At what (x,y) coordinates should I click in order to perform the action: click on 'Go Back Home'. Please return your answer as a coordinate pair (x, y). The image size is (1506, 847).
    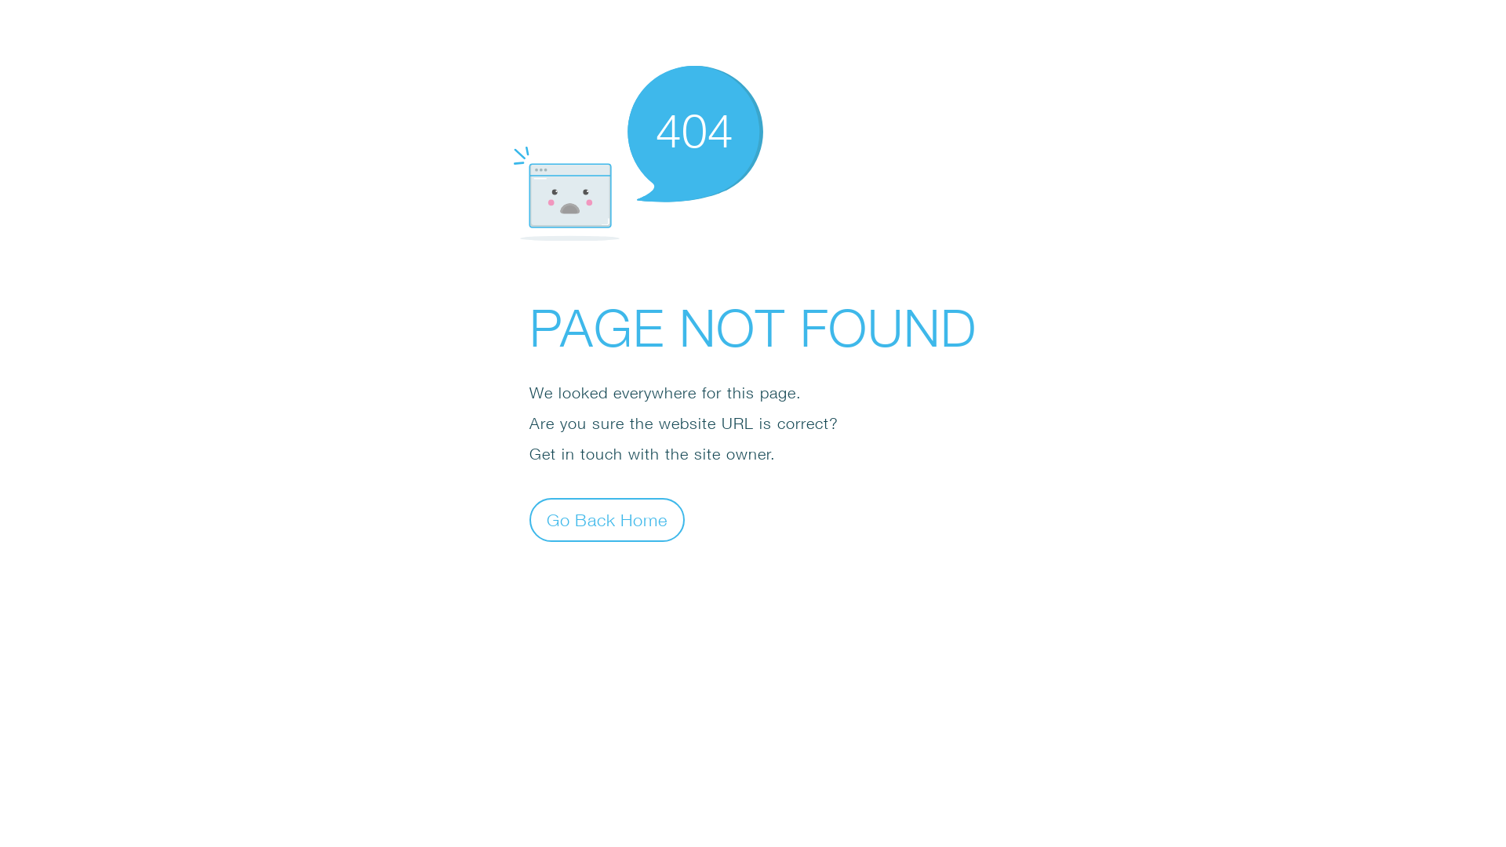
    Looking at the image, I should click on (606, 520).